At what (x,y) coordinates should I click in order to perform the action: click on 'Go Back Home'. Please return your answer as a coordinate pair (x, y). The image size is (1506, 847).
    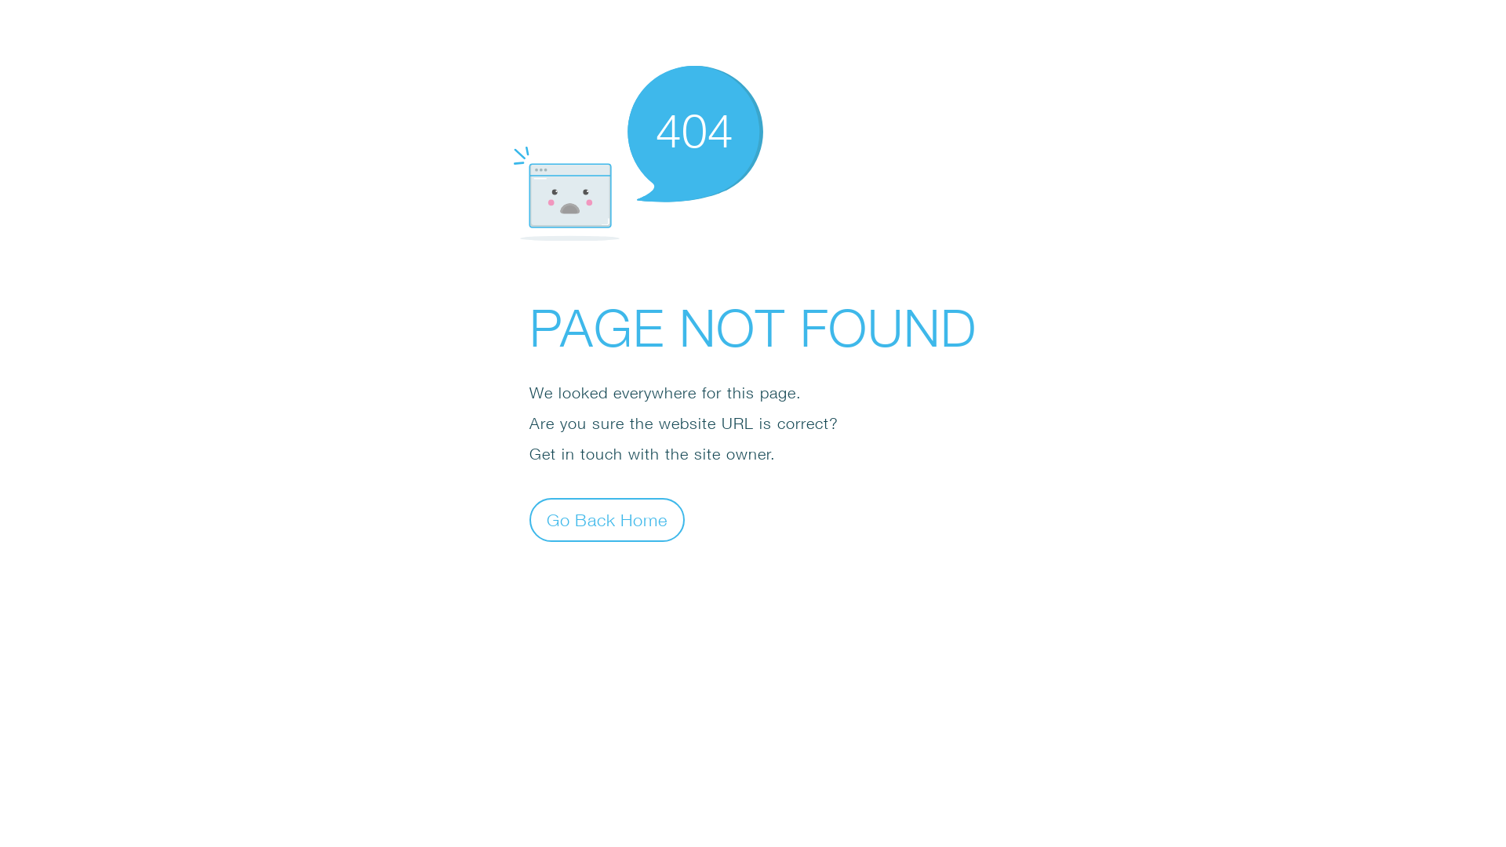
    Looking at the image, I should click on (606, 520).